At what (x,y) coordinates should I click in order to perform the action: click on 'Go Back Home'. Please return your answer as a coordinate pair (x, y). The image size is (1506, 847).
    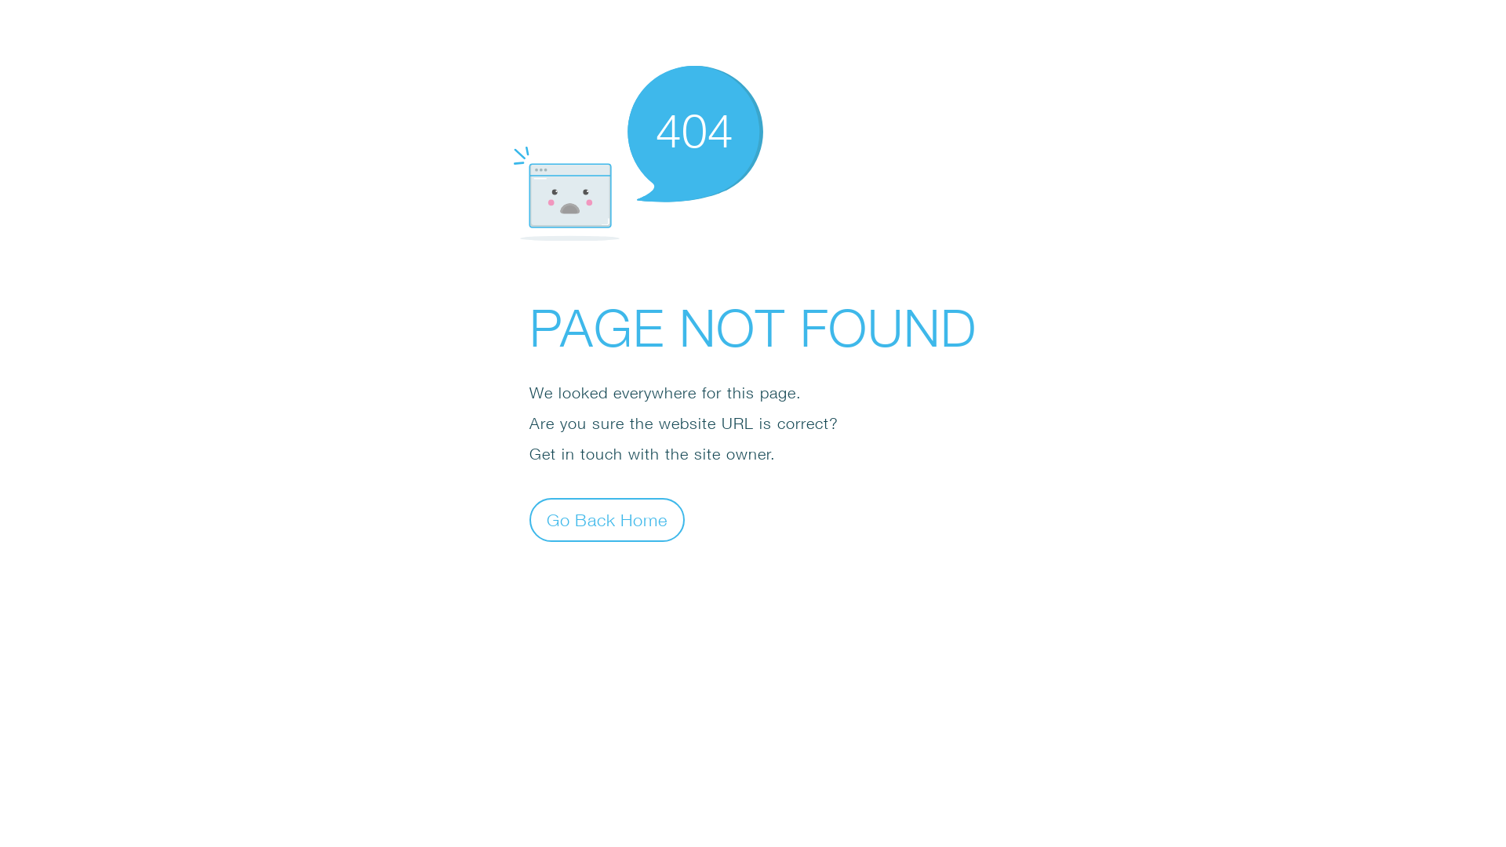
    Looking at the image, I should click on (606, 520).